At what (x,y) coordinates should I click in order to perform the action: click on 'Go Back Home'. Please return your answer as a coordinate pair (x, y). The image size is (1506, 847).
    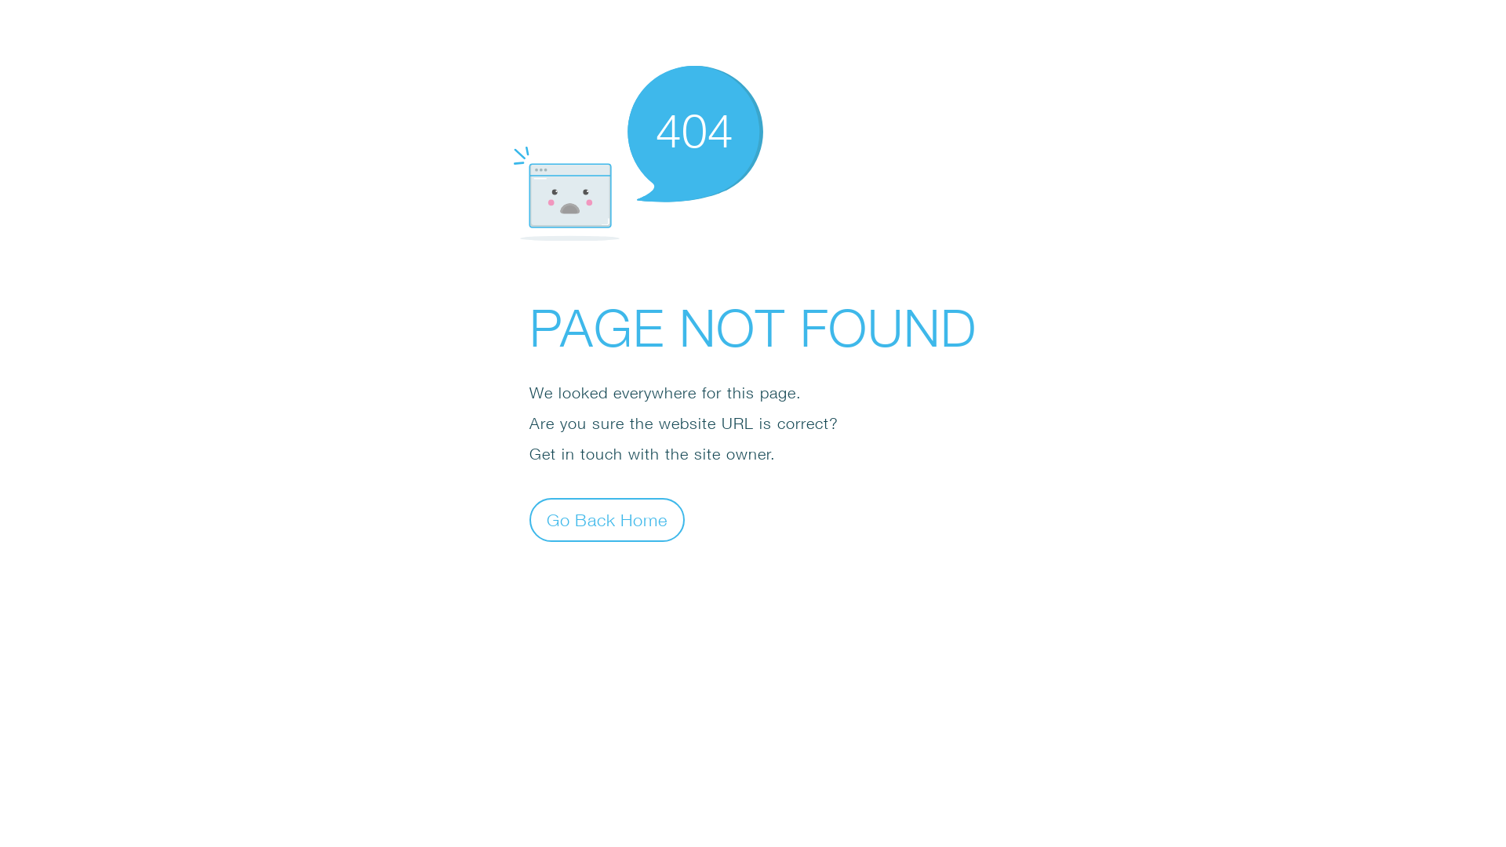
    Looking at the image, I should click on (606, 520).